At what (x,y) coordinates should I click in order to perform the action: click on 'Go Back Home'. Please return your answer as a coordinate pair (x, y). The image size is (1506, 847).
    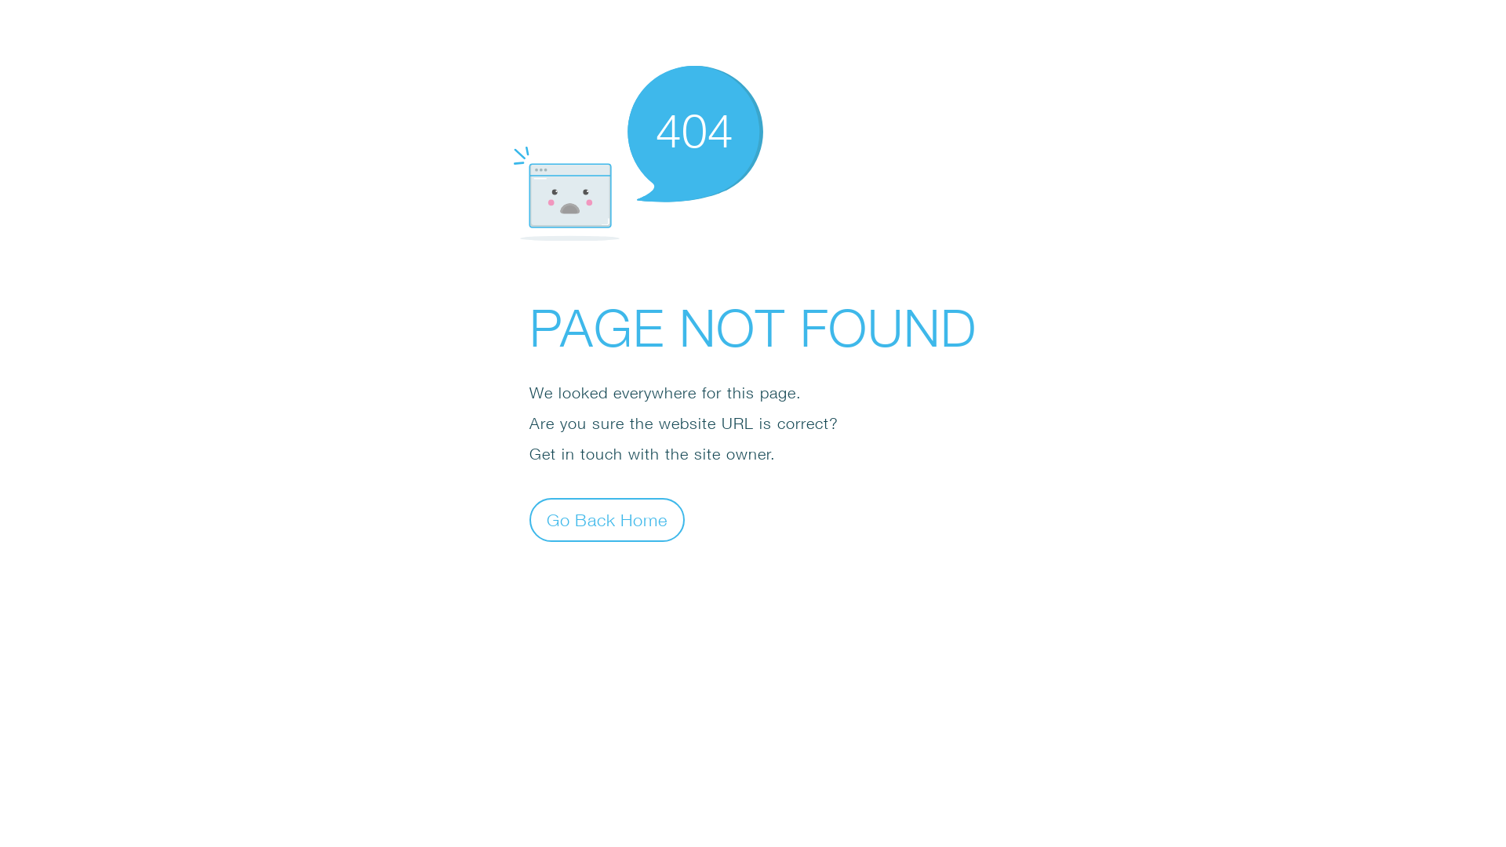
    Looking at the image, I should click on (606, 520).